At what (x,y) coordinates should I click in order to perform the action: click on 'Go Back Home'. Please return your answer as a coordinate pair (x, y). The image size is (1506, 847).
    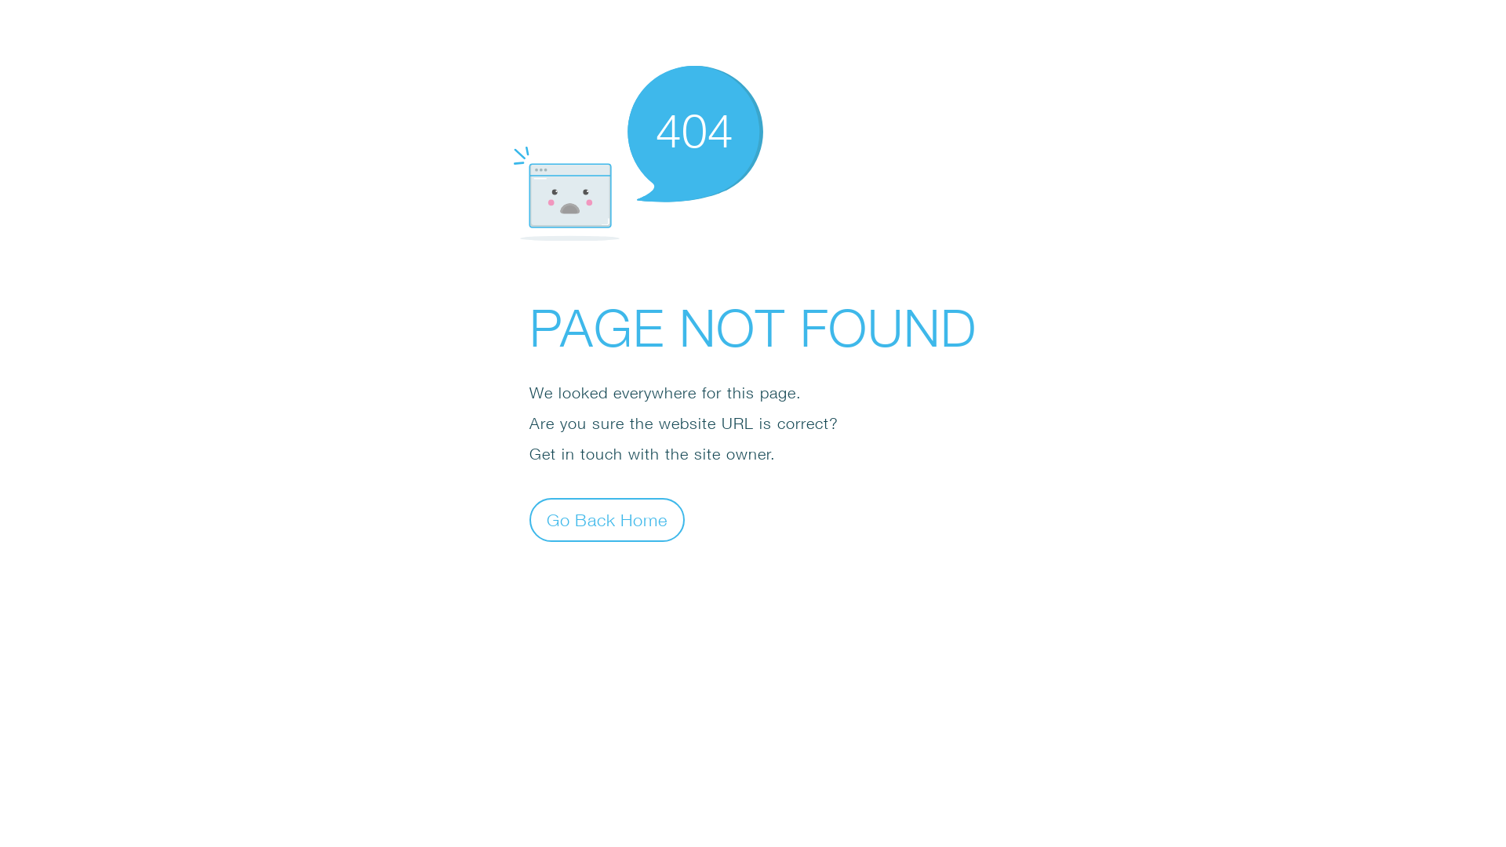
    Looking at the image, I should click on (606, 520).